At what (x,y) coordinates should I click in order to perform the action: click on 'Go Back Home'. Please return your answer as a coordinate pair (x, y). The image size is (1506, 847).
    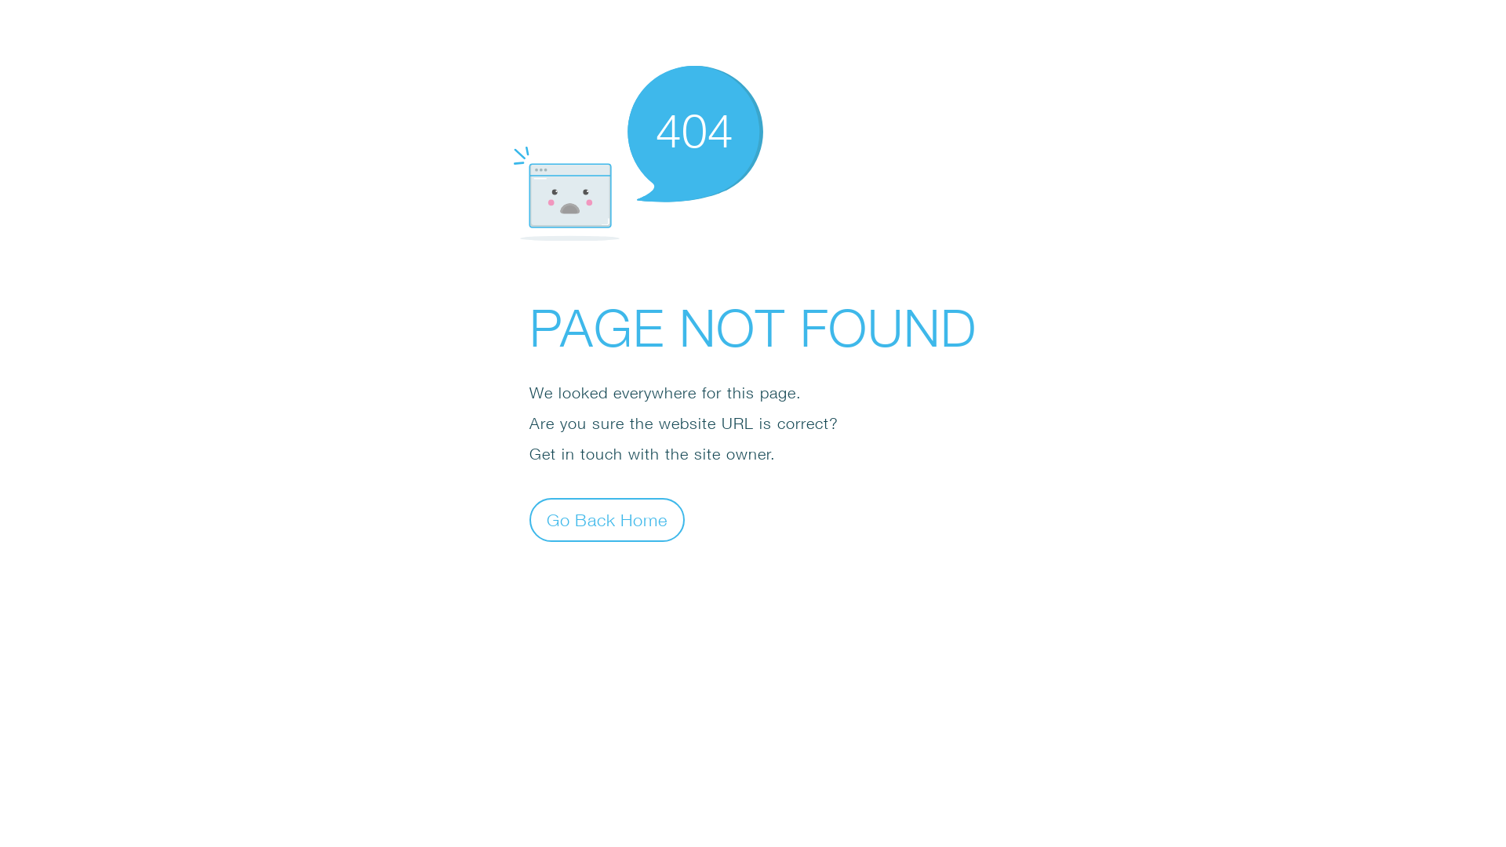
    Looking at the image, I should click on (606, 520).